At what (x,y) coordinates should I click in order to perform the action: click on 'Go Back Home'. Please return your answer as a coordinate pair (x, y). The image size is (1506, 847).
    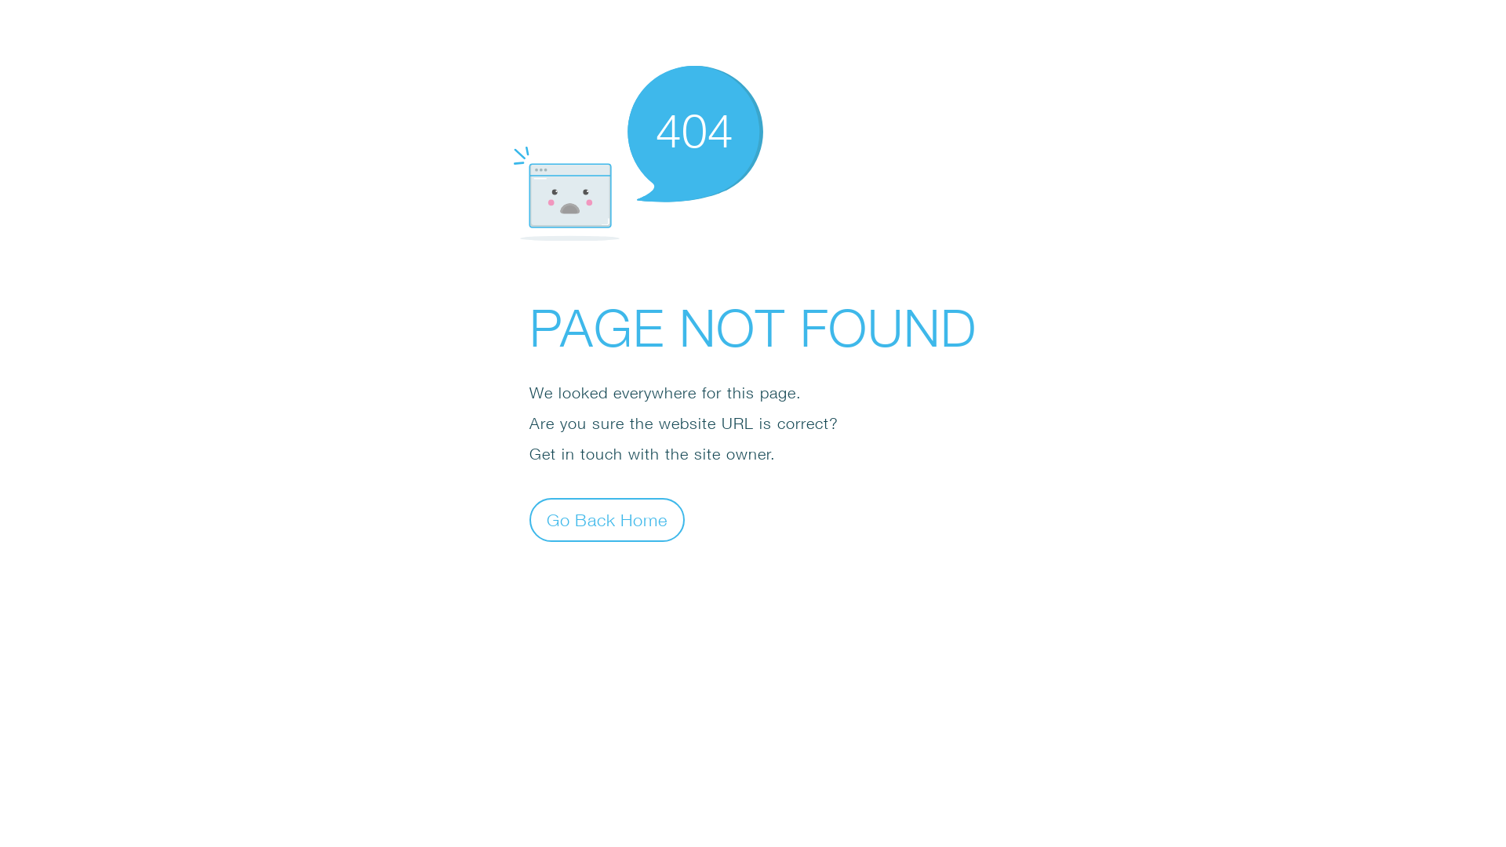
    Looking at the image, I should click on (606, 520).